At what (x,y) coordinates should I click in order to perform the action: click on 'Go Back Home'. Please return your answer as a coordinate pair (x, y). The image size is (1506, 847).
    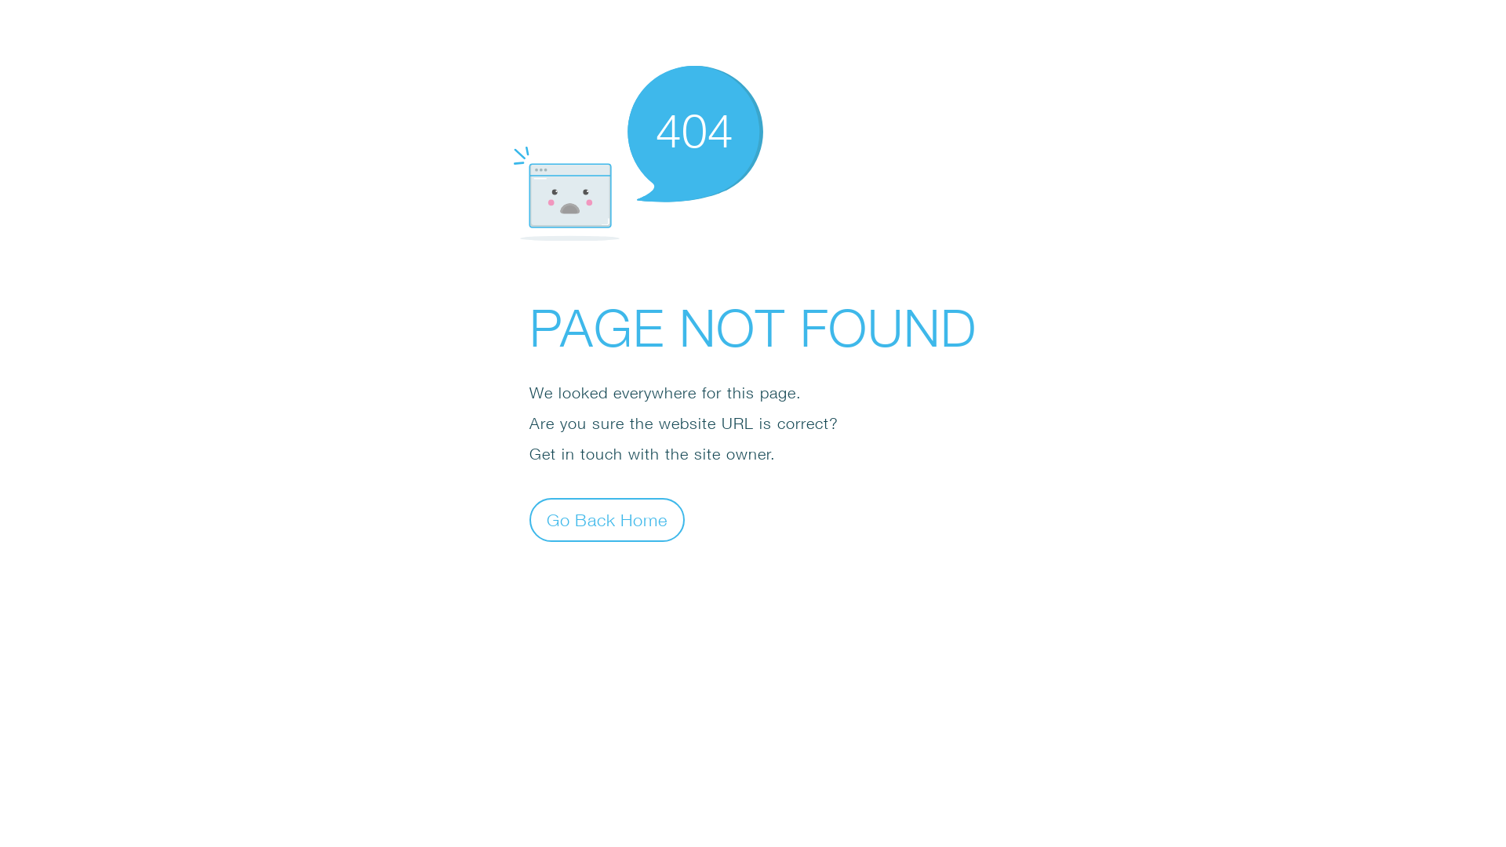
    Looking at the image, I should click on (606, 520).